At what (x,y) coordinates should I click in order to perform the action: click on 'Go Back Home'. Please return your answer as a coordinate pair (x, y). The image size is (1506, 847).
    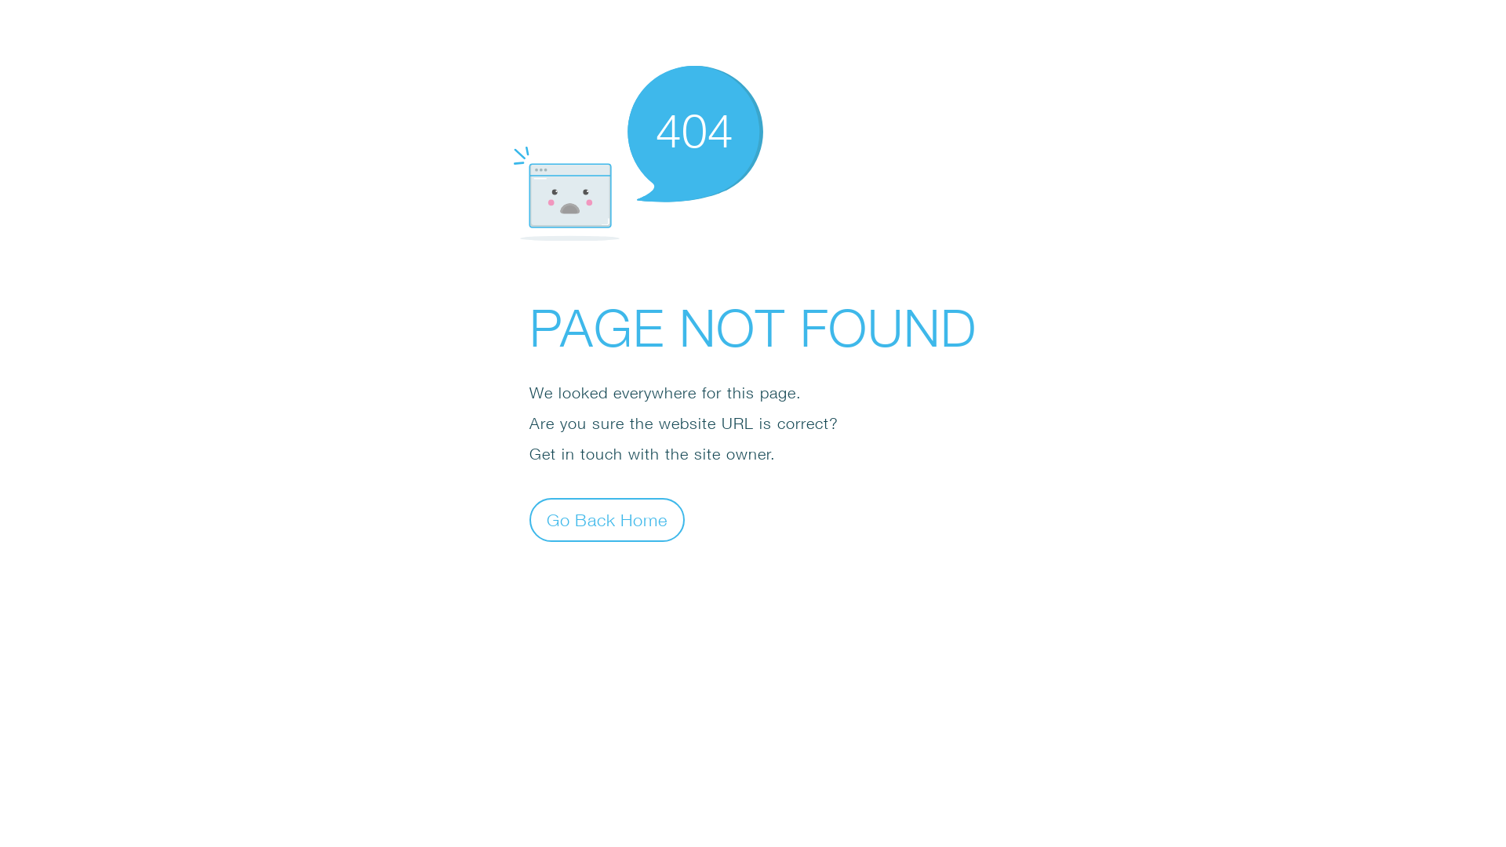
    Looking at the image, I should click on (606, 520).